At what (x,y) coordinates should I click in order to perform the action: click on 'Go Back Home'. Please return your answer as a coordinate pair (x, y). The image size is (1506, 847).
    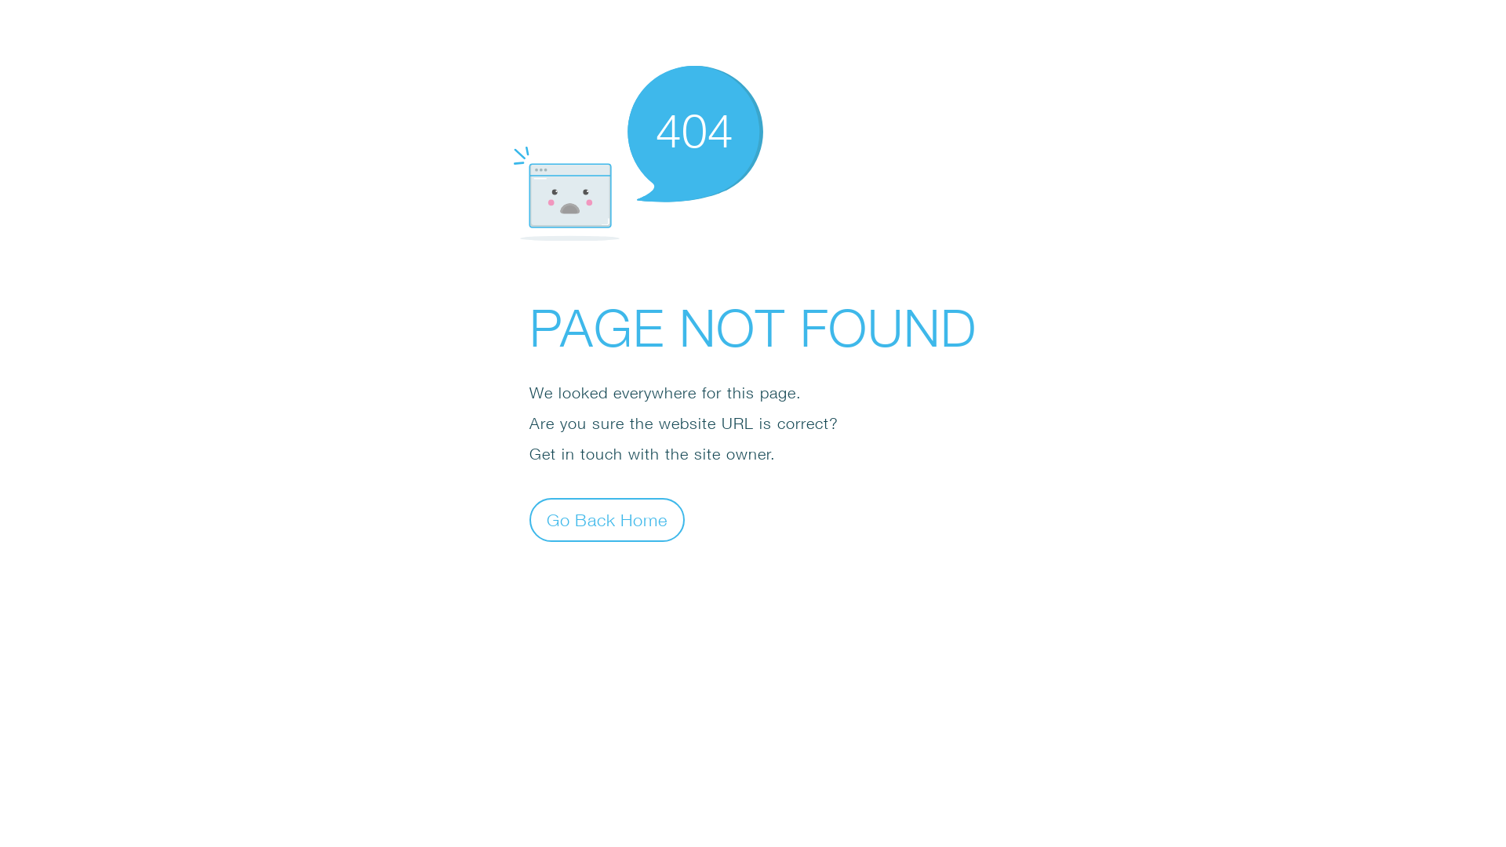
    Looking at the image, I should click on (606, 520).